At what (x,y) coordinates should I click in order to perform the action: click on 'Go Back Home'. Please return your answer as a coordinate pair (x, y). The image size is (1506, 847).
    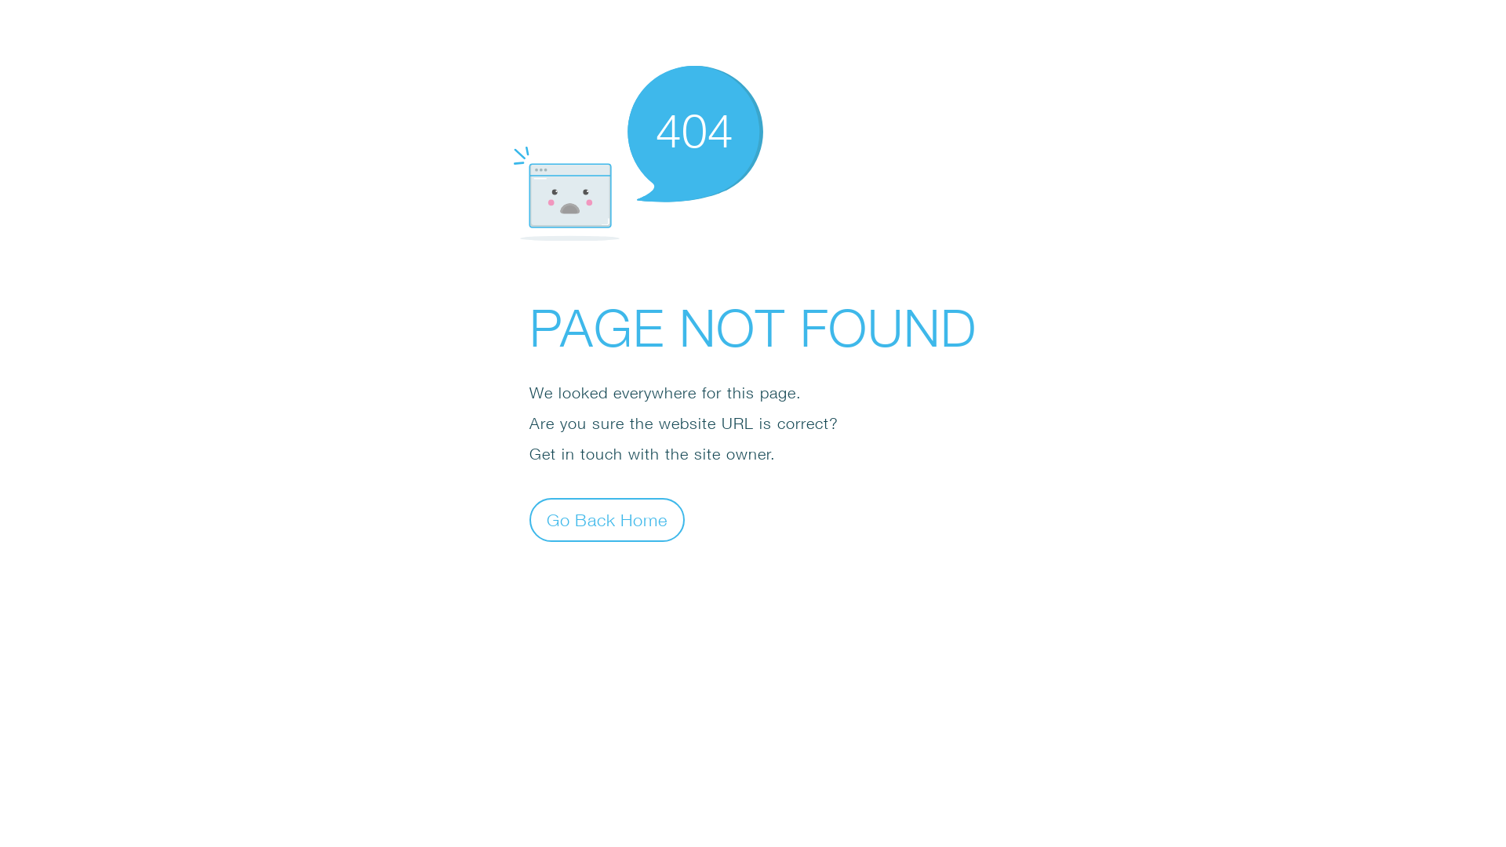
    Looking at the image, I should click on (606, 520).